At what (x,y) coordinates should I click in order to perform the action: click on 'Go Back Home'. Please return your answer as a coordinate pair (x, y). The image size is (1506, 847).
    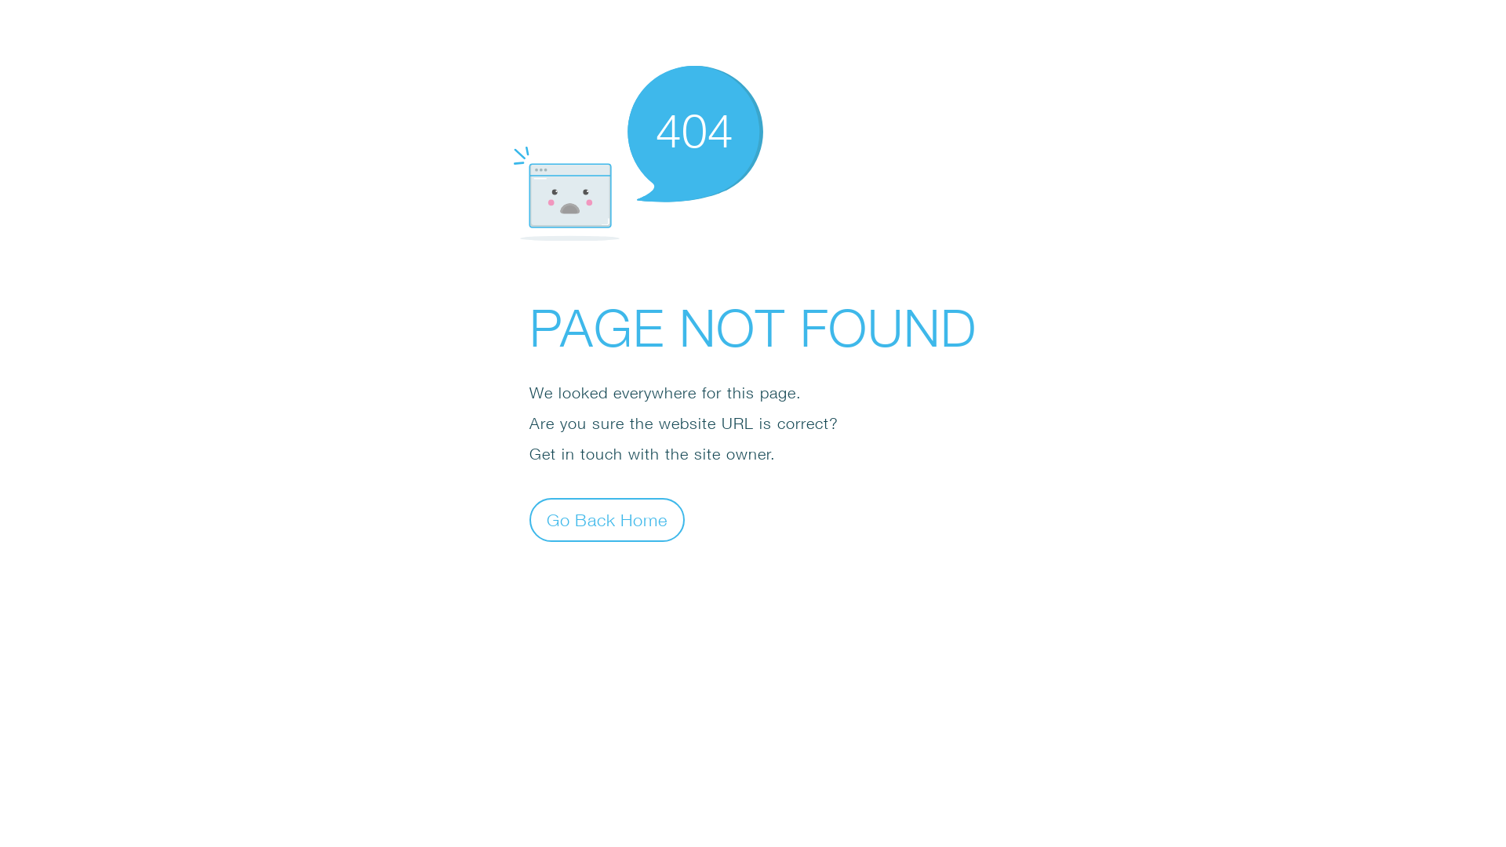
    Looking at the image, I should click on (606, 520).